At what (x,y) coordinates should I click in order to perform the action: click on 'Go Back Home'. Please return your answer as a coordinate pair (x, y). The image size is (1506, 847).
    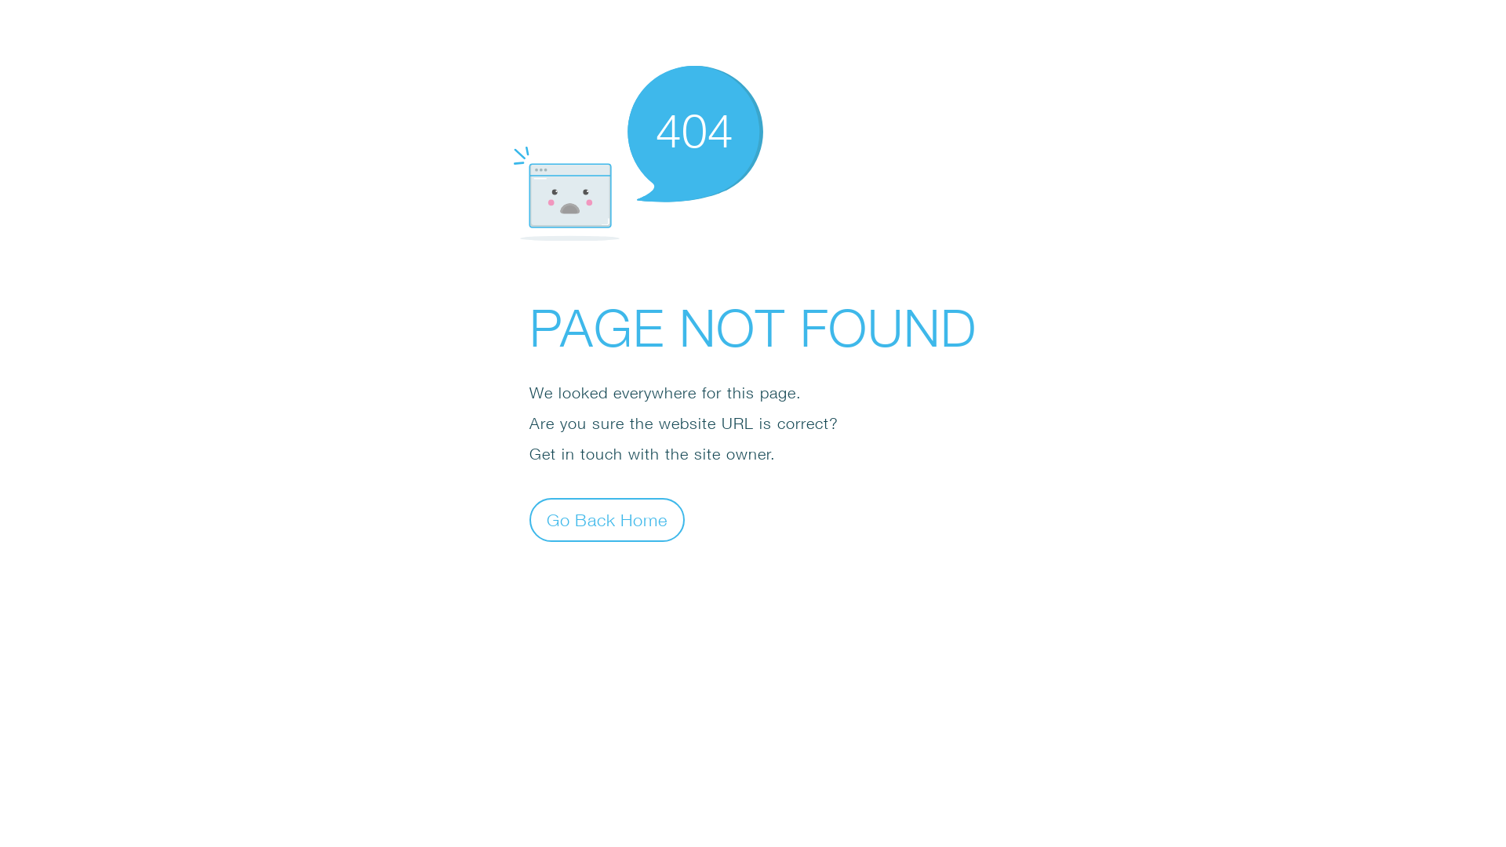
    Looking at the image, I should click on (606, 520).